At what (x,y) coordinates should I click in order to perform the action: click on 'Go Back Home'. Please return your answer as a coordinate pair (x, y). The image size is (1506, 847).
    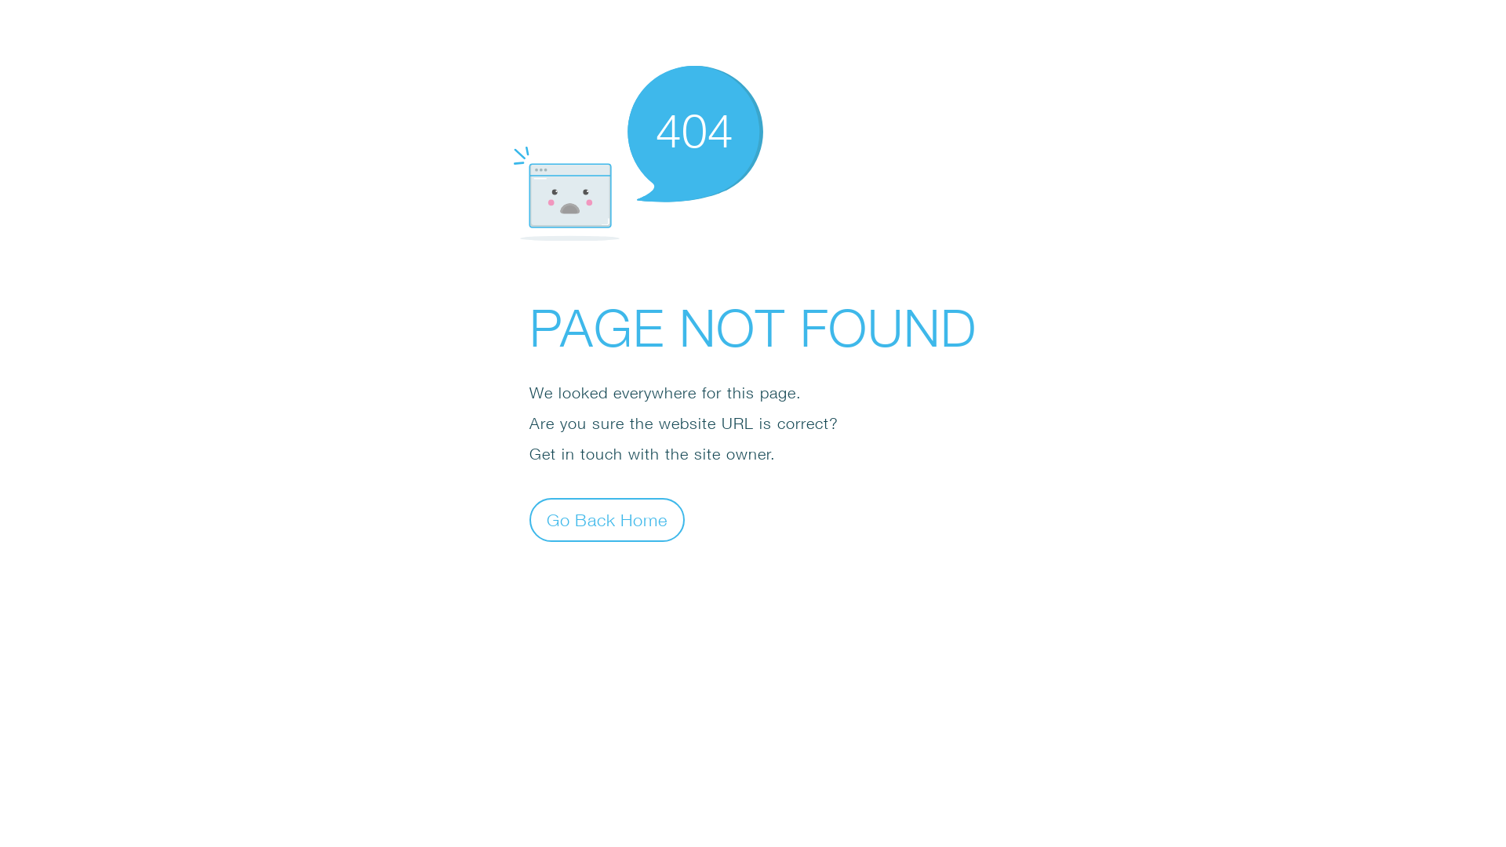
    Looking at the image, I should click on (606, 520).